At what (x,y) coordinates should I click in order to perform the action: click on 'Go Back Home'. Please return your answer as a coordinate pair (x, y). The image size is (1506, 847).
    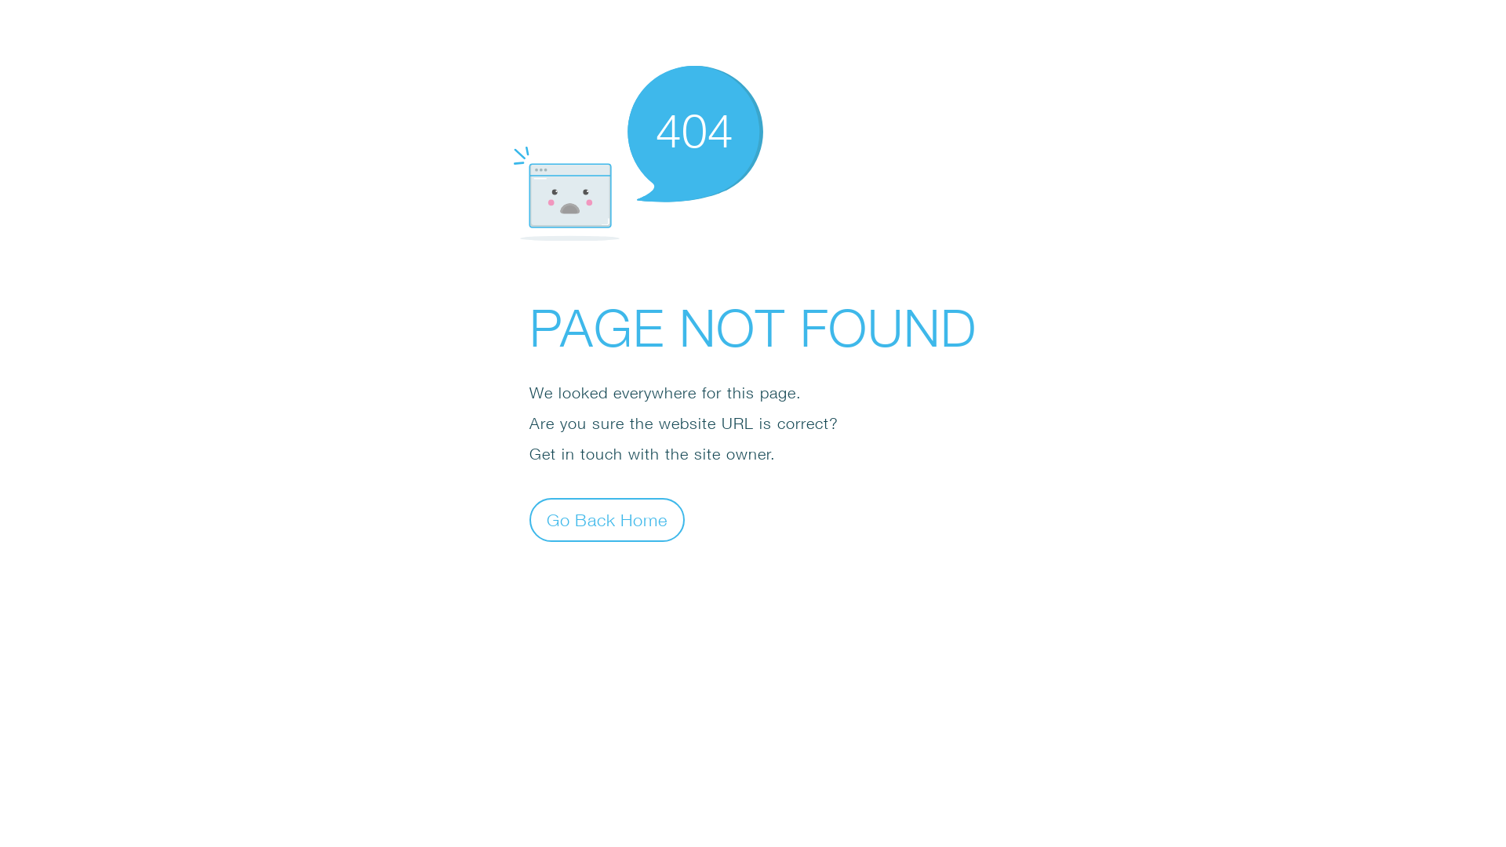
    Looking at the image, I should click on (606, 520).